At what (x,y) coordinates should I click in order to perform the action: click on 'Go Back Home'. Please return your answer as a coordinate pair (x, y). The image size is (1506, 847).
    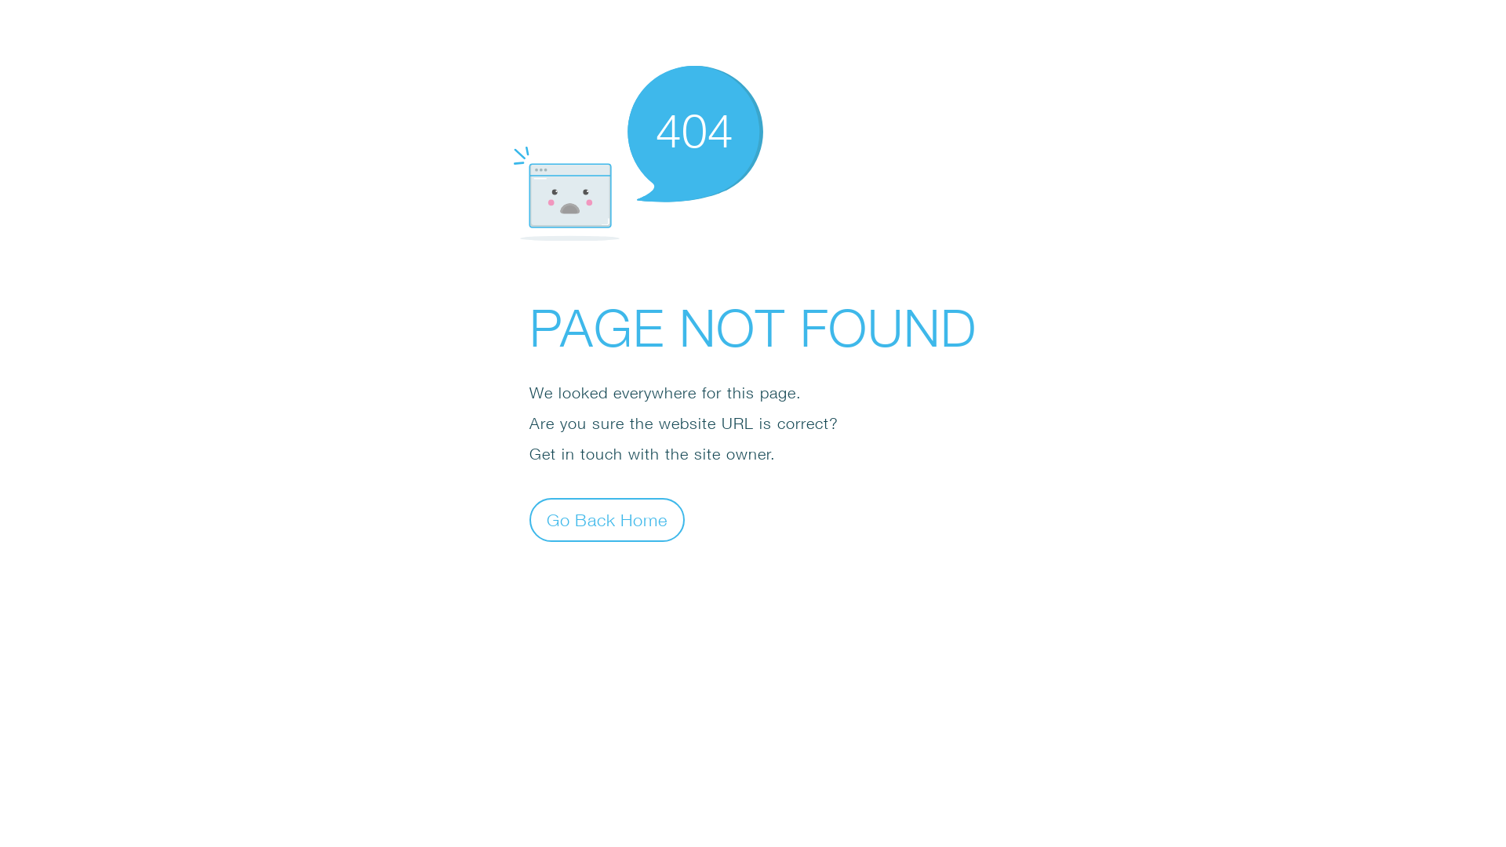
    Looking at the image, I should click on (606, 520).